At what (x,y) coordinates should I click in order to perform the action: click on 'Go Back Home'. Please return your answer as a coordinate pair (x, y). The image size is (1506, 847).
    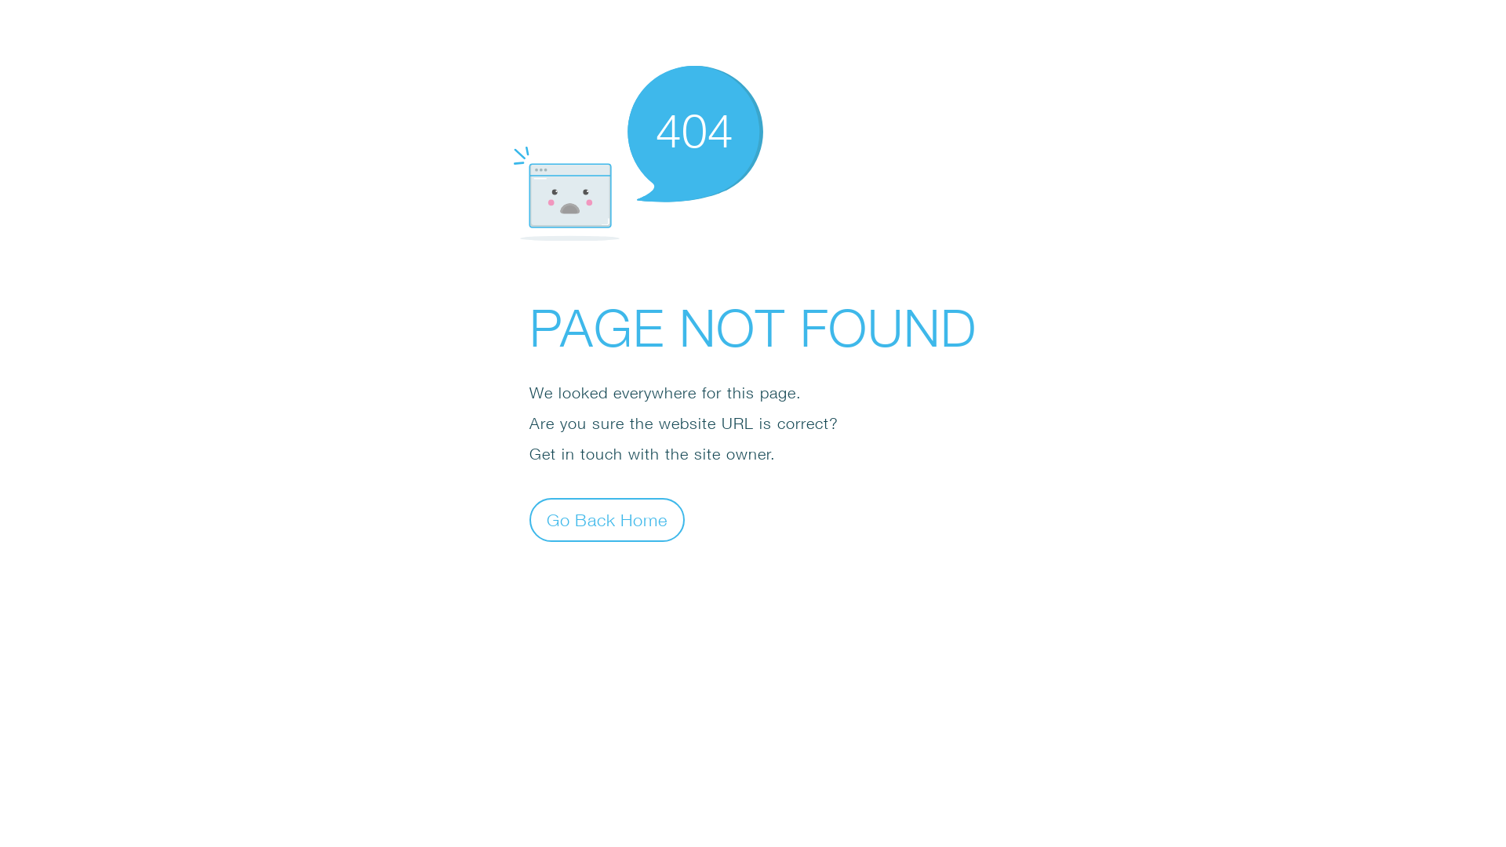
    Looking at the image, I should click on (606, 520).